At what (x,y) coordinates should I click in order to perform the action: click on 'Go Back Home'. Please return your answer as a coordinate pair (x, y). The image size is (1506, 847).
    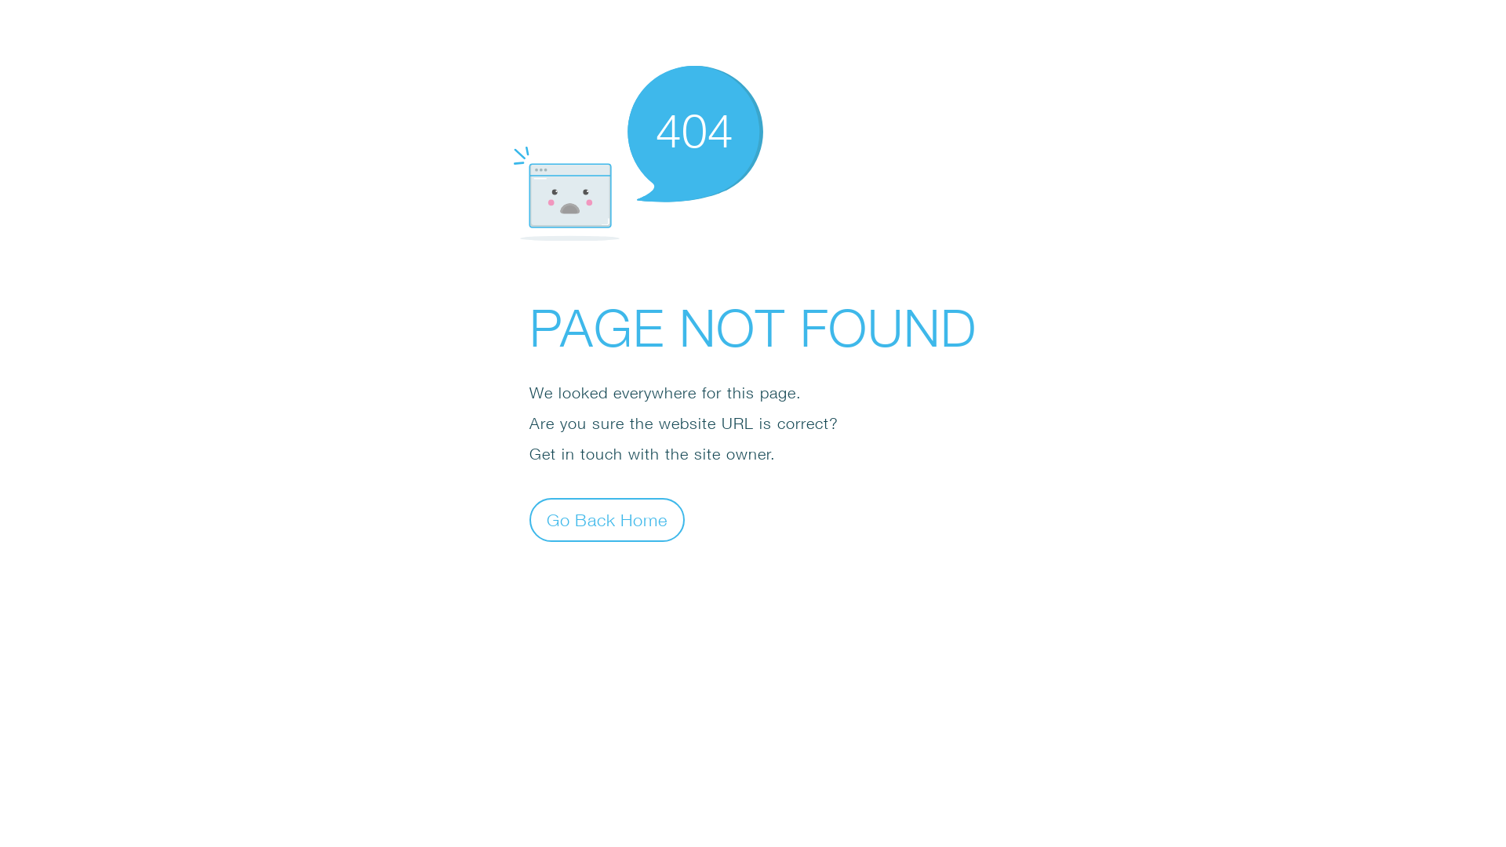
    Looking at the image, I should click on (606, 520).